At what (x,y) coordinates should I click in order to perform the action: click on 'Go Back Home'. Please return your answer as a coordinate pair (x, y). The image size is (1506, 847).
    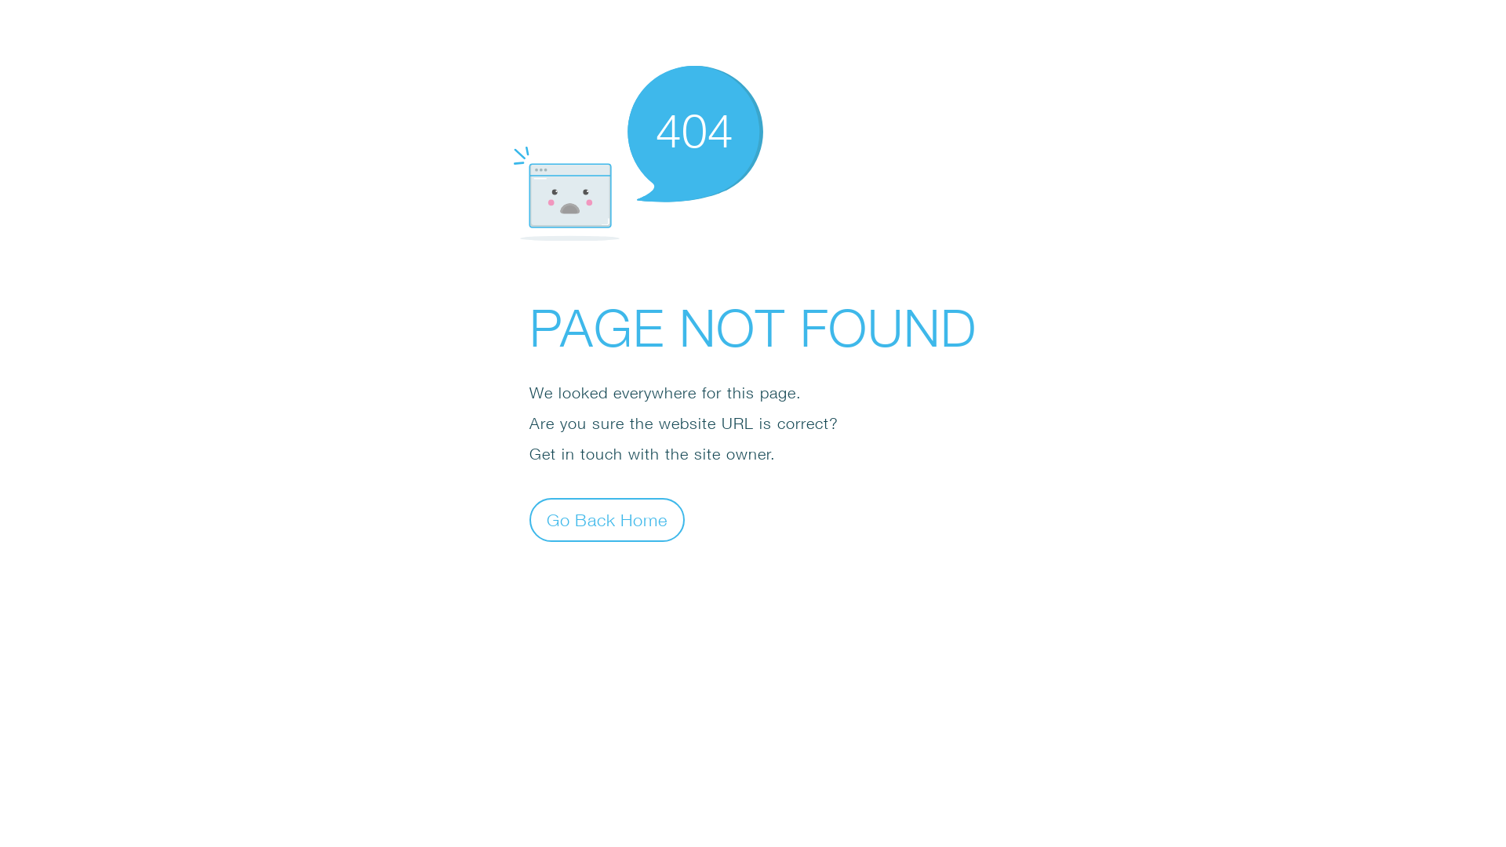
    Looking at the image, I should click on (606, 520).